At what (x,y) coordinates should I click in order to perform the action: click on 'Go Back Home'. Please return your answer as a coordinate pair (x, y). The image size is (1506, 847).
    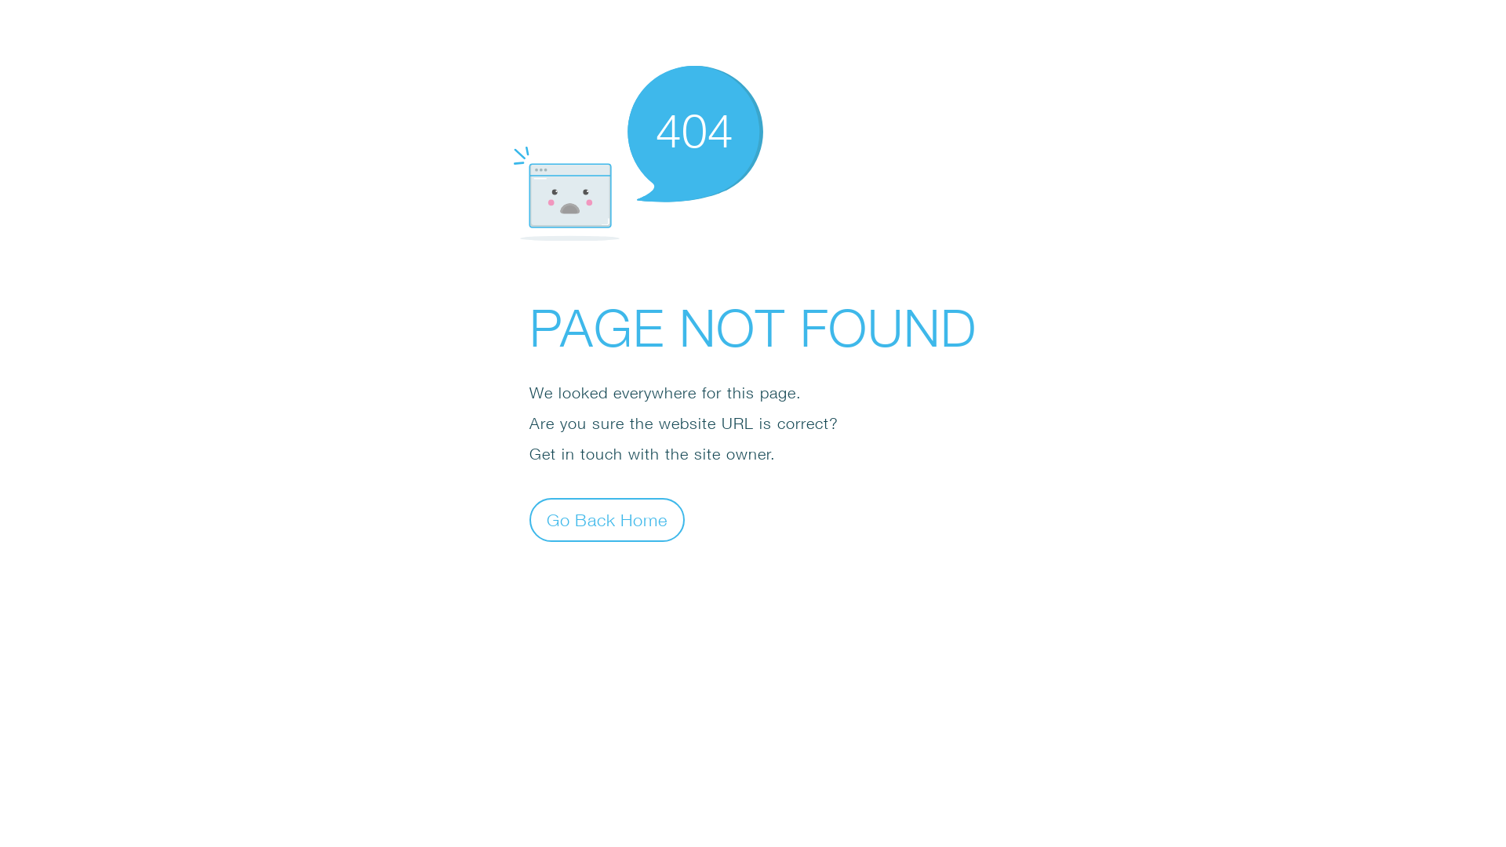
    Looking at the image, I should click on (606, 520).